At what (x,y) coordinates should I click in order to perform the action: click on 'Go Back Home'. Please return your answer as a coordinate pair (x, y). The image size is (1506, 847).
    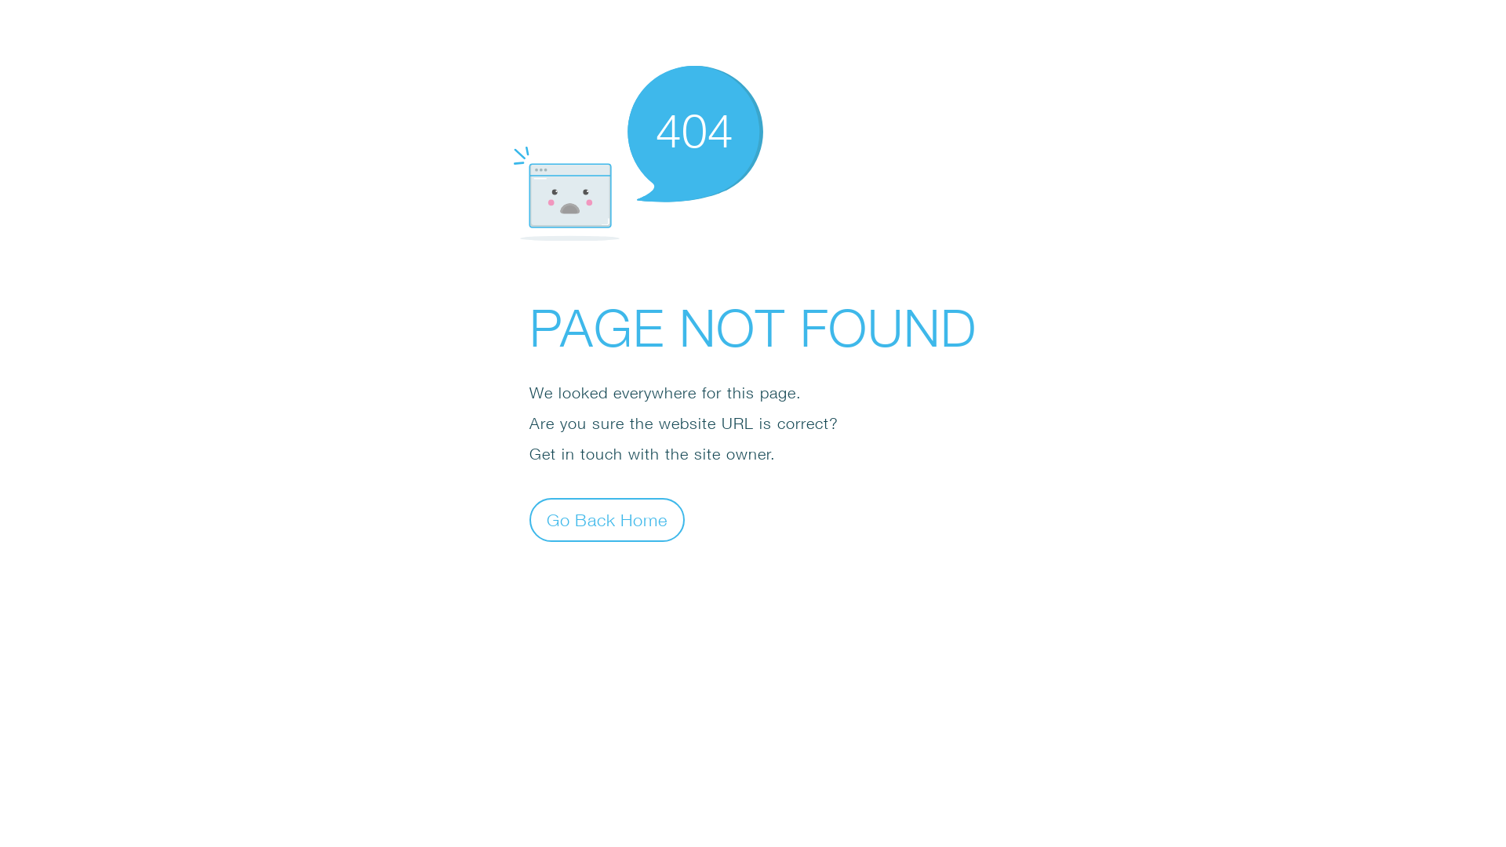
    Looking at the image, I should click on (606, 520).